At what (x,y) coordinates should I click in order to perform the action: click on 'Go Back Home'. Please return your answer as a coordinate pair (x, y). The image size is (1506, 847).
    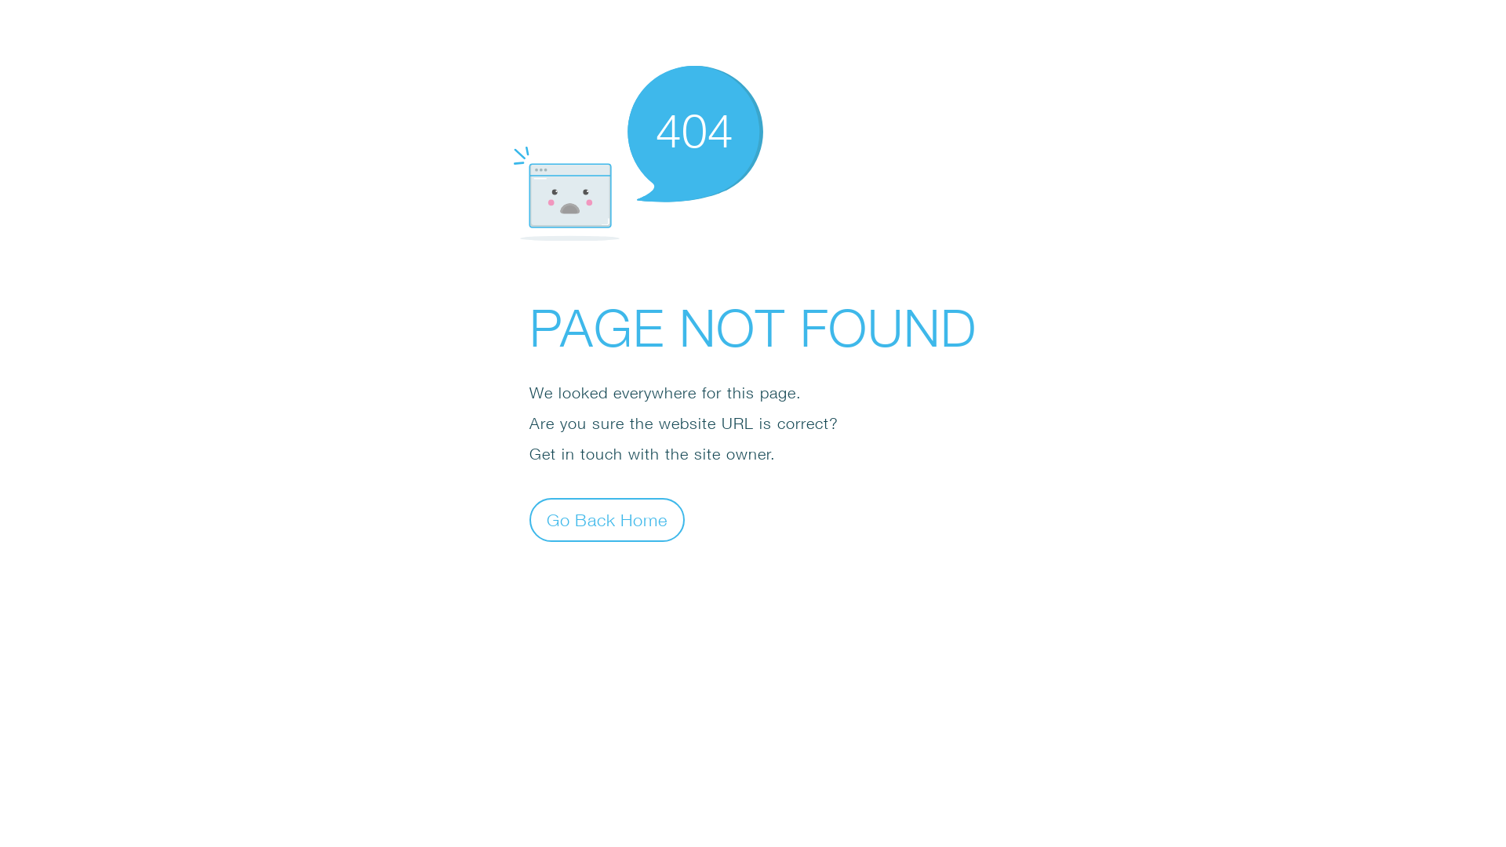
    Looking at the image, I should click on (606, 520).